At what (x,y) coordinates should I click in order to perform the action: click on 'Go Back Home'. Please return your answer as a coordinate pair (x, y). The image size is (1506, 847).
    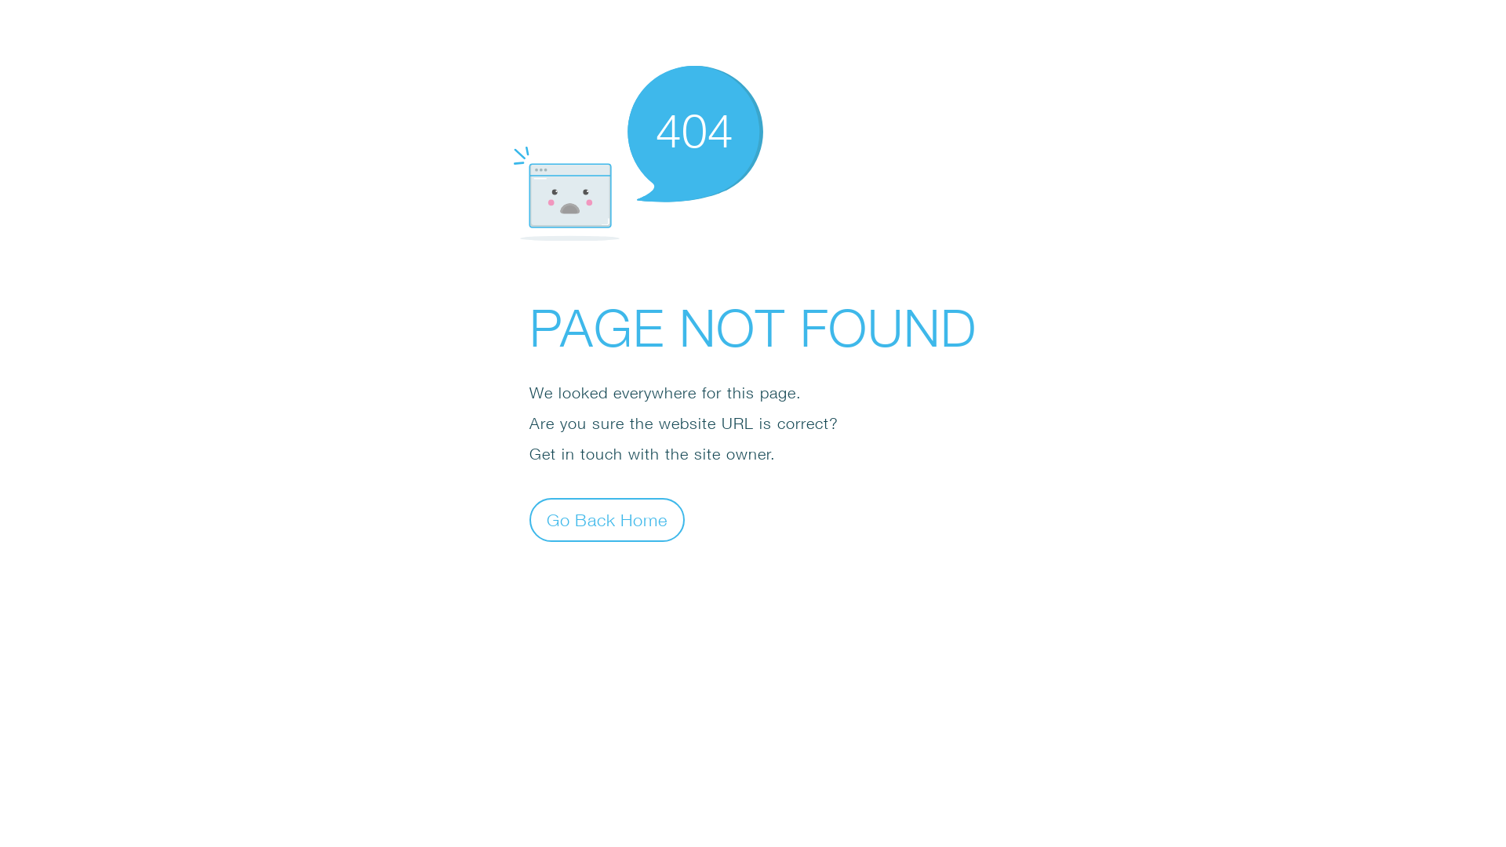
    Looking at the image, I should click on (606, 520).